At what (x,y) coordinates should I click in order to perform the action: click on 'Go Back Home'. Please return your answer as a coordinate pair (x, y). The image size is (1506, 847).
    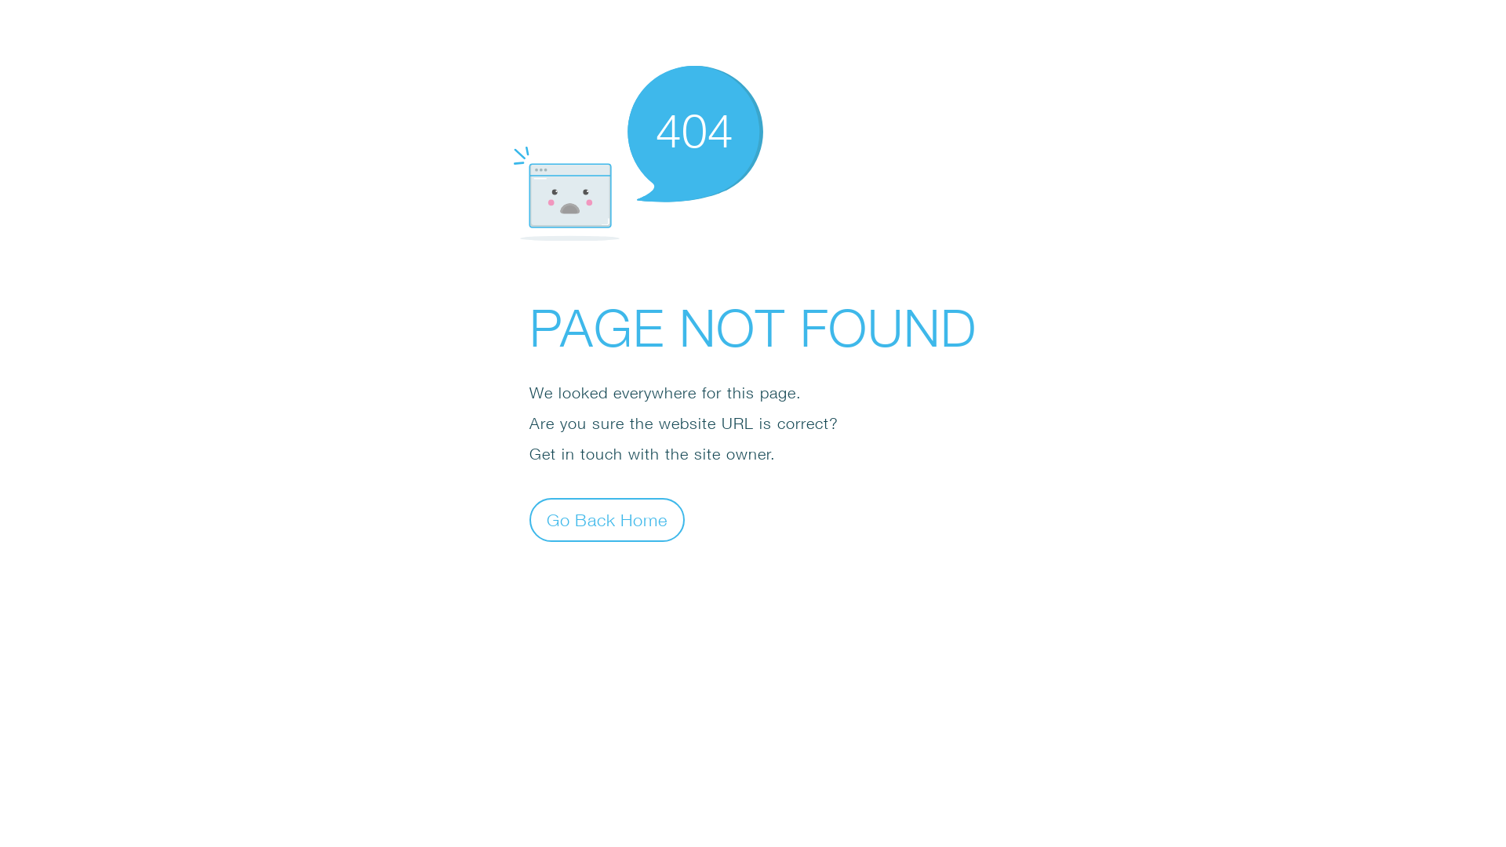
    Looking at the image, I should click on (606, 520).